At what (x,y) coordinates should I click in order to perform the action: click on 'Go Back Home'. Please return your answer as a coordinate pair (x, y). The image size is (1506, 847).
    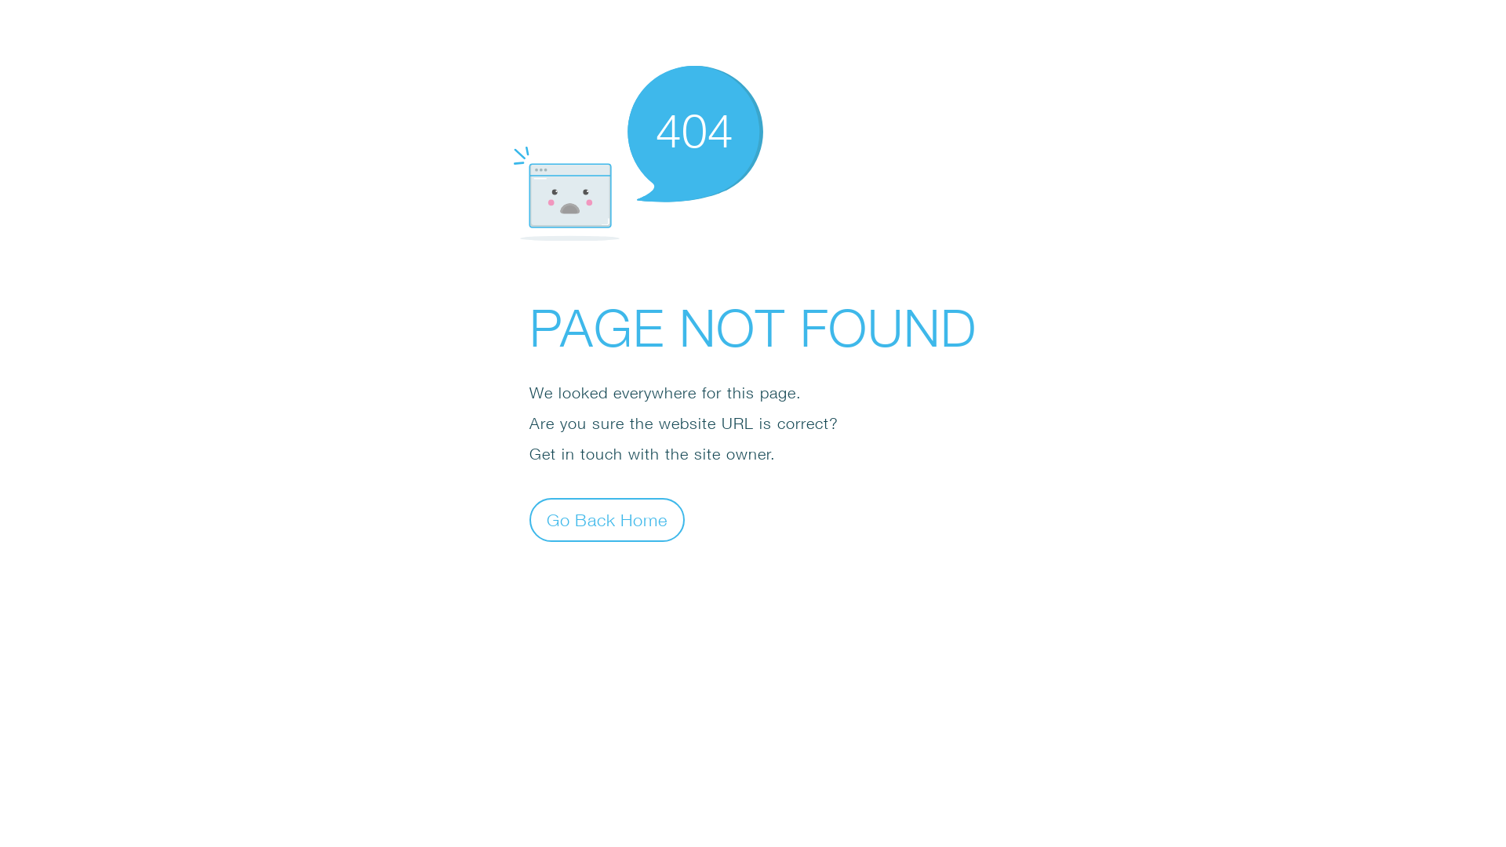
    Looking at the image, I should click on (606, 520).